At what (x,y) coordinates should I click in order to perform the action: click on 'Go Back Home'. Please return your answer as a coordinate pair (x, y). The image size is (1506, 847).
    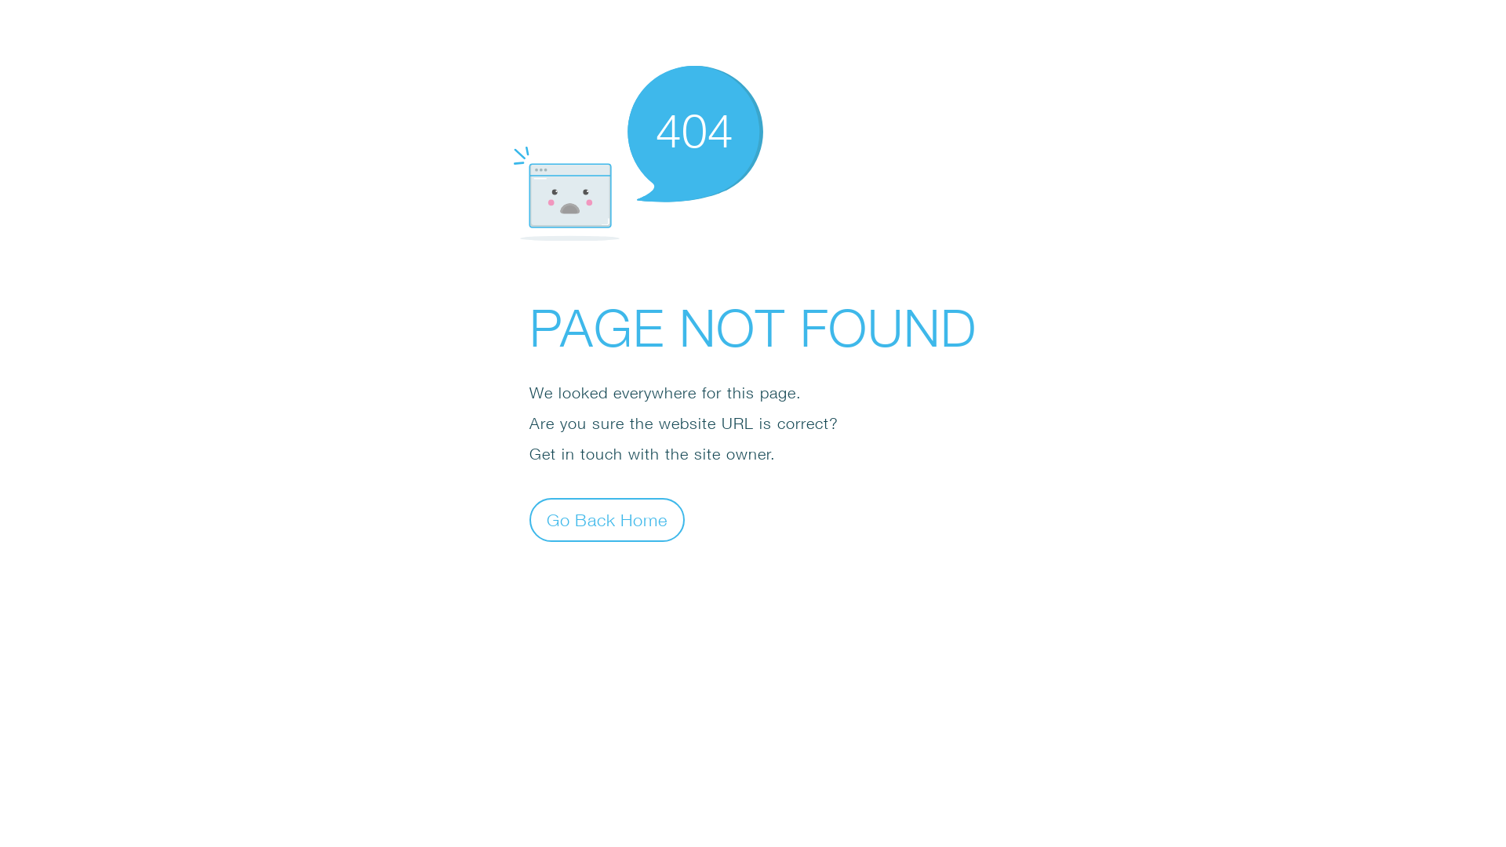
    Looking at the image, I should click on (606, 520).